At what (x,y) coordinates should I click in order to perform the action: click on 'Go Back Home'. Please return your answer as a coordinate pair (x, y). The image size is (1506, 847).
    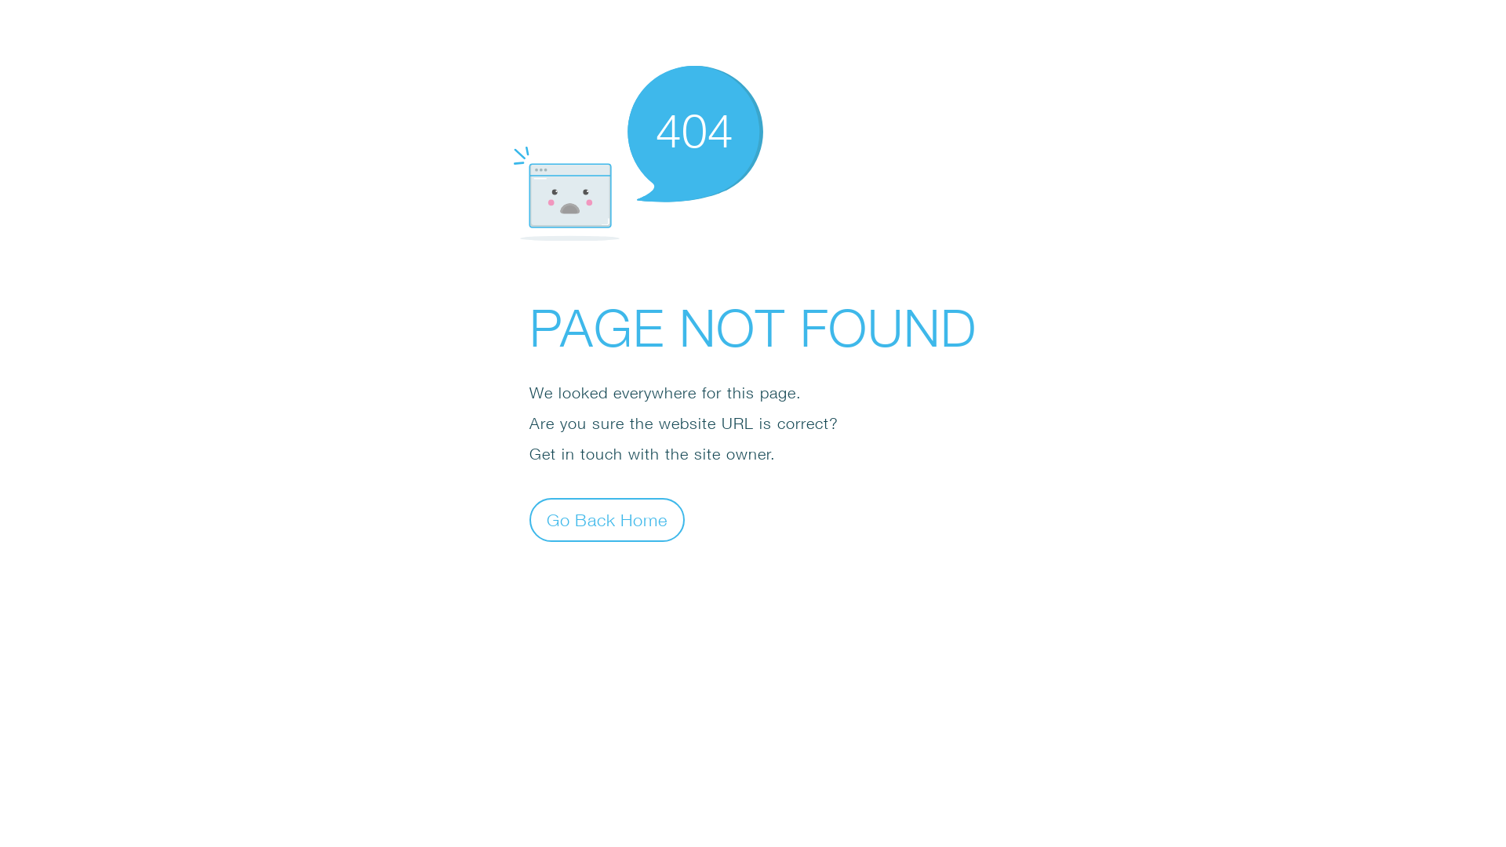
    Looking at the image, I should click on (606, 520).